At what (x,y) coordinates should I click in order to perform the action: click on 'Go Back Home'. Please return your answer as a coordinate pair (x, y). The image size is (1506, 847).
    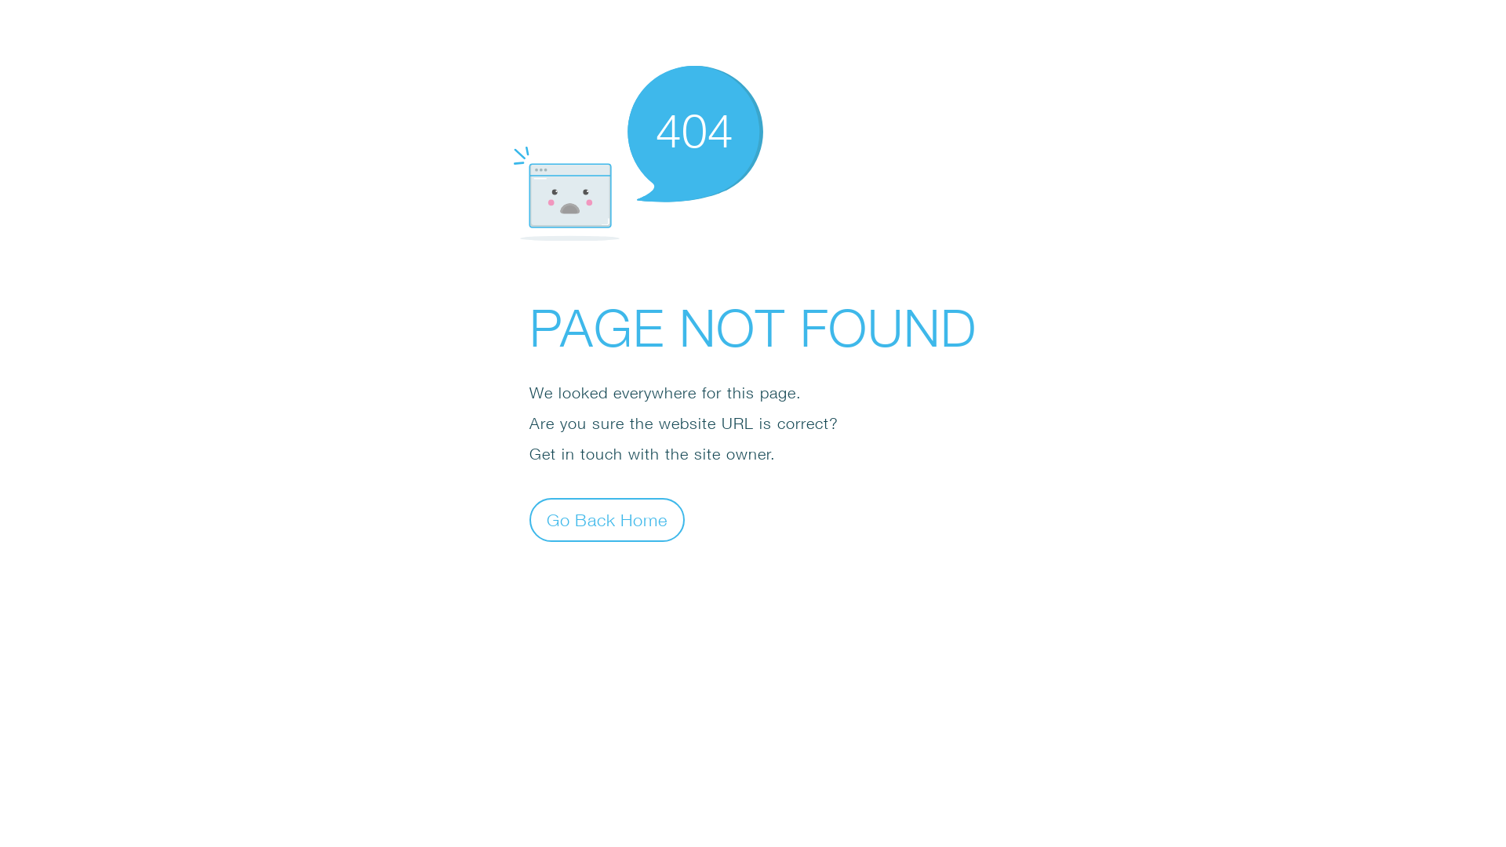
    Looking at the image, I should click on (606, 520).